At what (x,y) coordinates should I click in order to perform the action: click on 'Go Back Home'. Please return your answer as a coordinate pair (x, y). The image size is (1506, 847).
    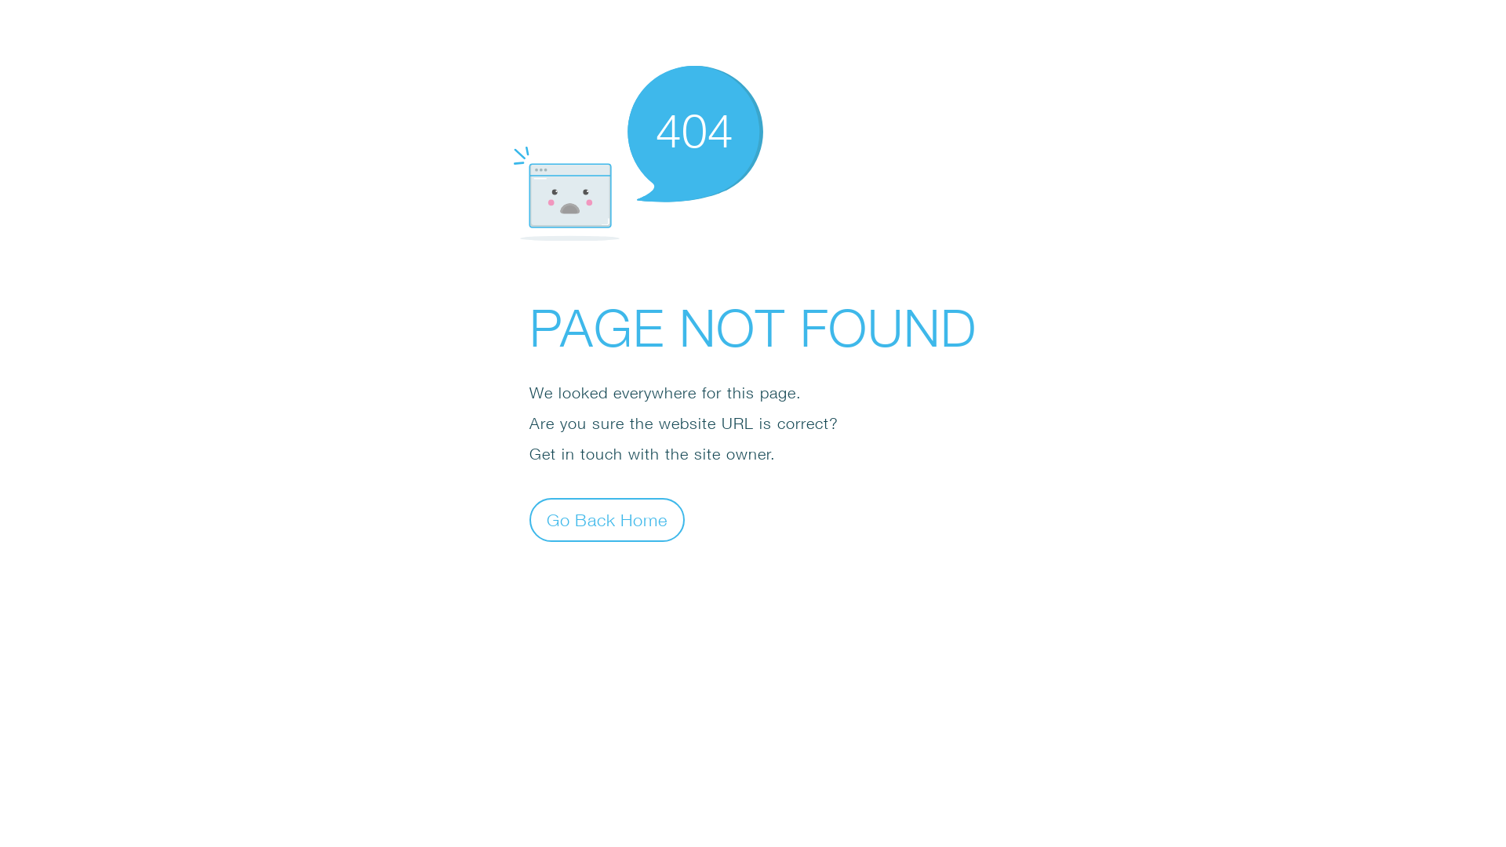
    Looking at the image, I should click on (606, 520).